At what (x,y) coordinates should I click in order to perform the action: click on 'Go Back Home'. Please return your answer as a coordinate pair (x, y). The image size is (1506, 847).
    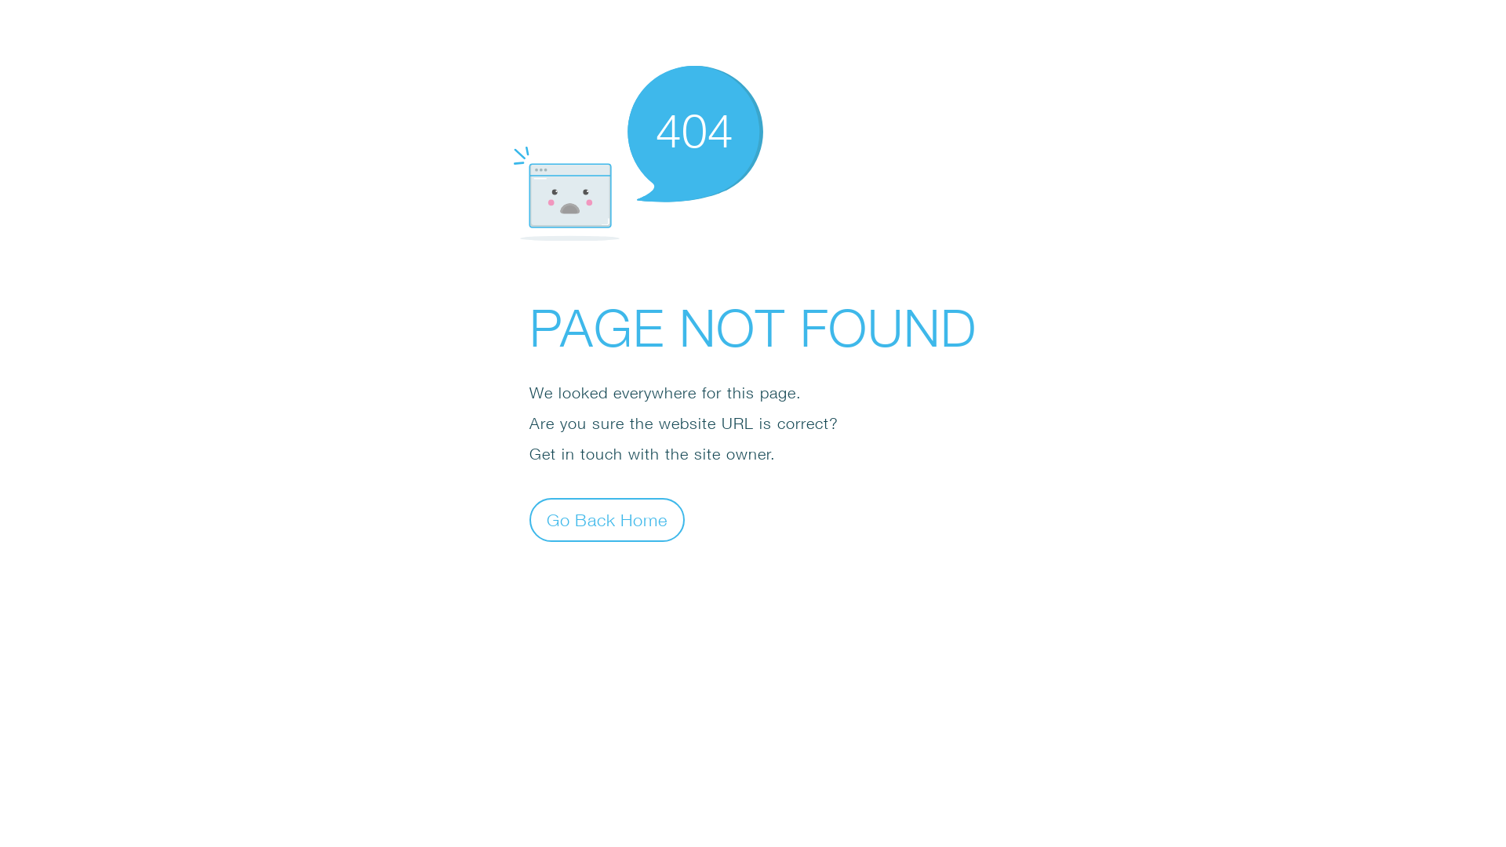
    Looking at the image, I should click on (606, 520).